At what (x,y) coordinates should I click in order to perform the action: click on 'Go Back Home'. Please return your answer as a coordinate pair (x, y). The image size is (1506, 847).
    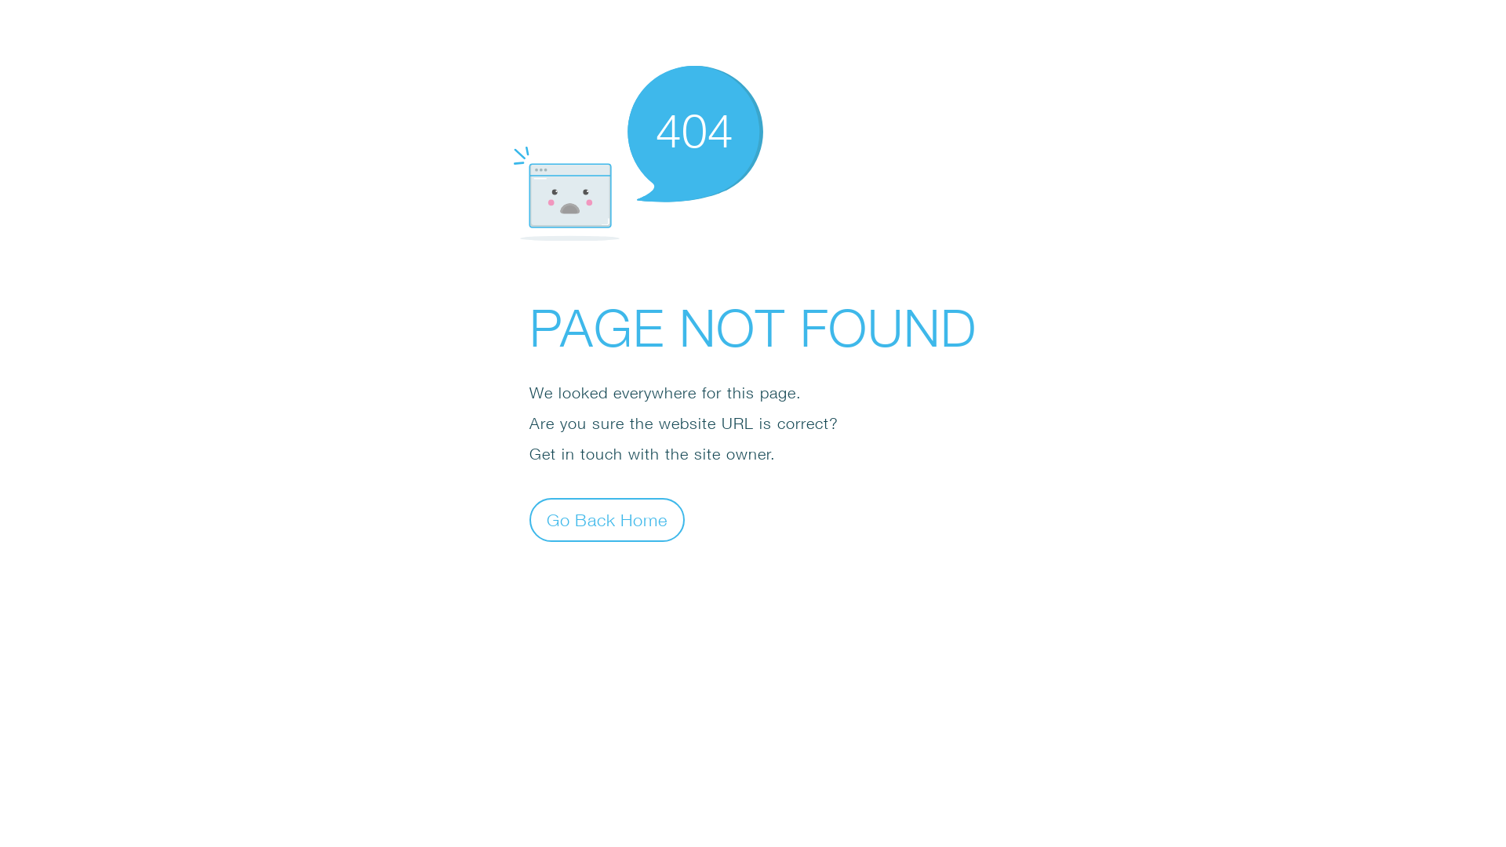
    Looking at the image, I should click on (606, 520).